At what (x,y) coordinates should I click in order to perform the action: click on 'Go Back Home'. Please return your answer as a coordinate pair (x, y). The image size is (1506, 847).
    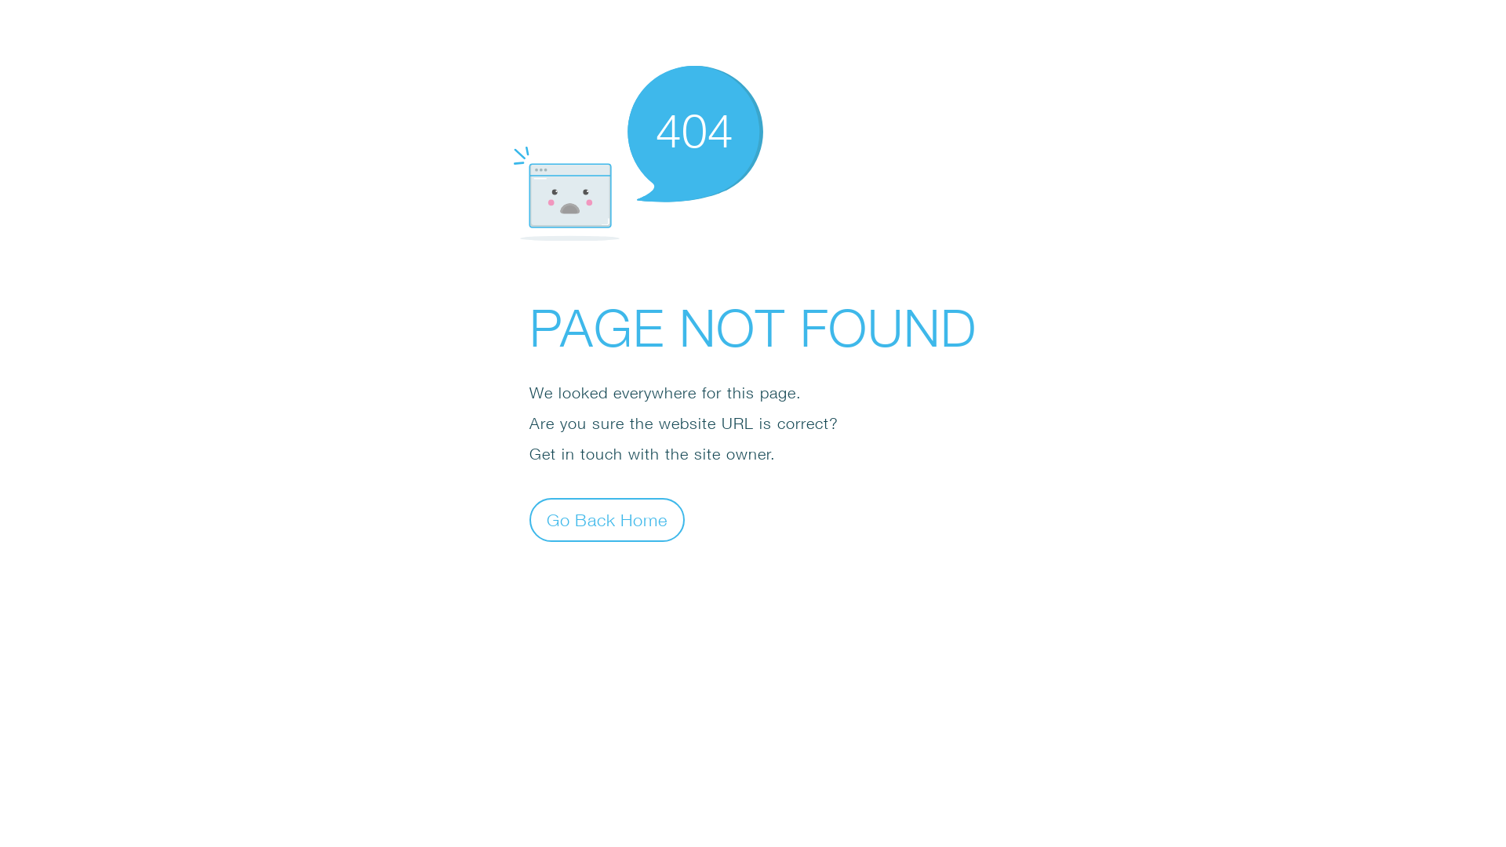
    Looking at the image, I should click on (606, 520).